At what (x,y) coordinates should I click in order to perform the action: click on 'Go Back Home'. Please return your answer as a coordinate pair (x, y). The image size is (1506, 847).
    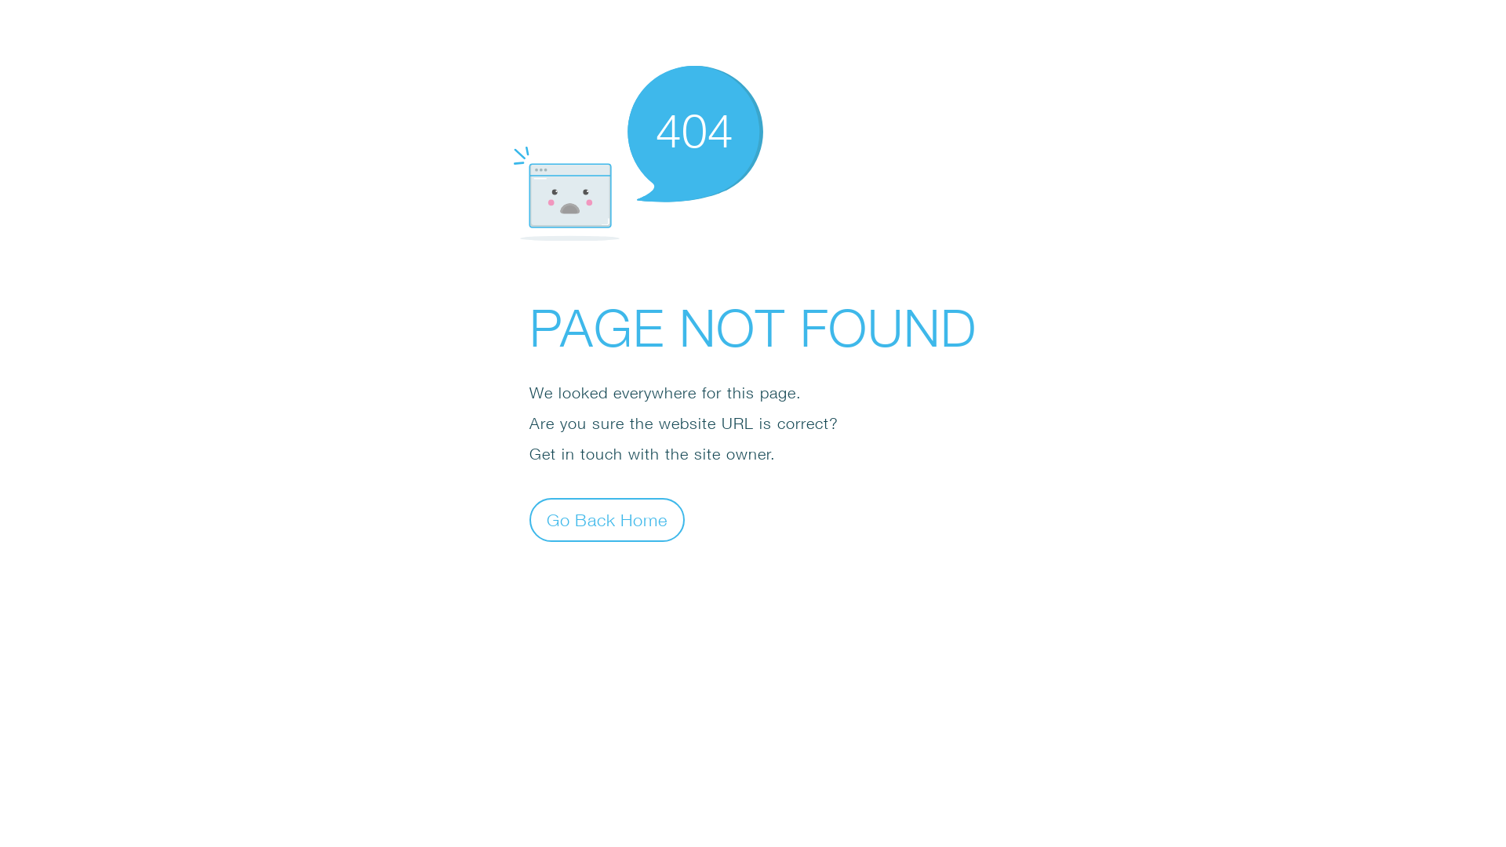
    Looking at the image, I should click on (606, 520).